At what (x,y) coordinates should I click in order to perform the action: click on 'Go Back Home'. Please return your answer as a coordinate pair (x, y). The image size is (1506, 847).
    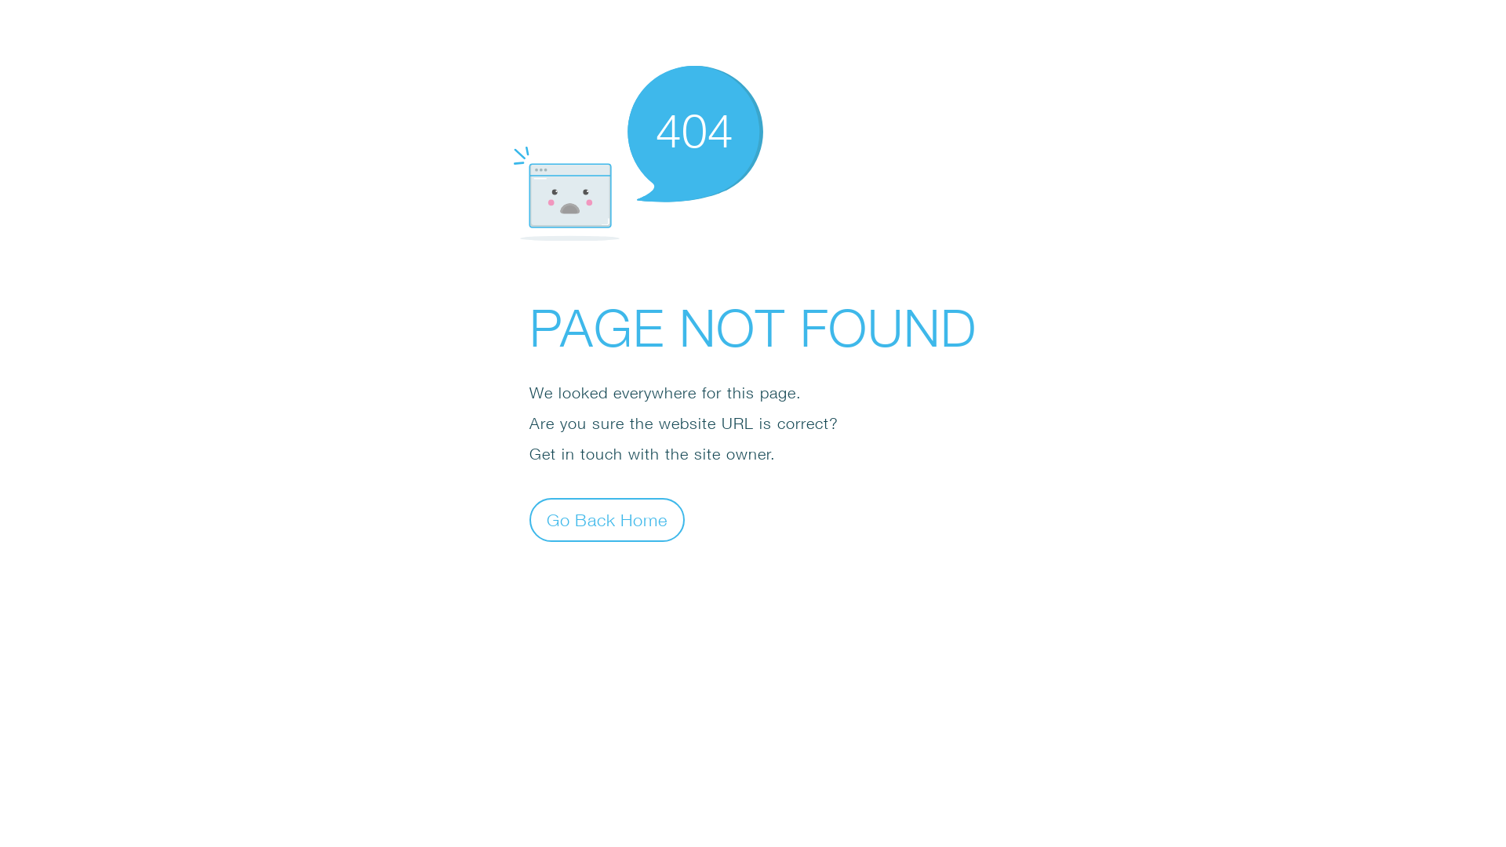
    Looking at the image, I should click on (606, 520).